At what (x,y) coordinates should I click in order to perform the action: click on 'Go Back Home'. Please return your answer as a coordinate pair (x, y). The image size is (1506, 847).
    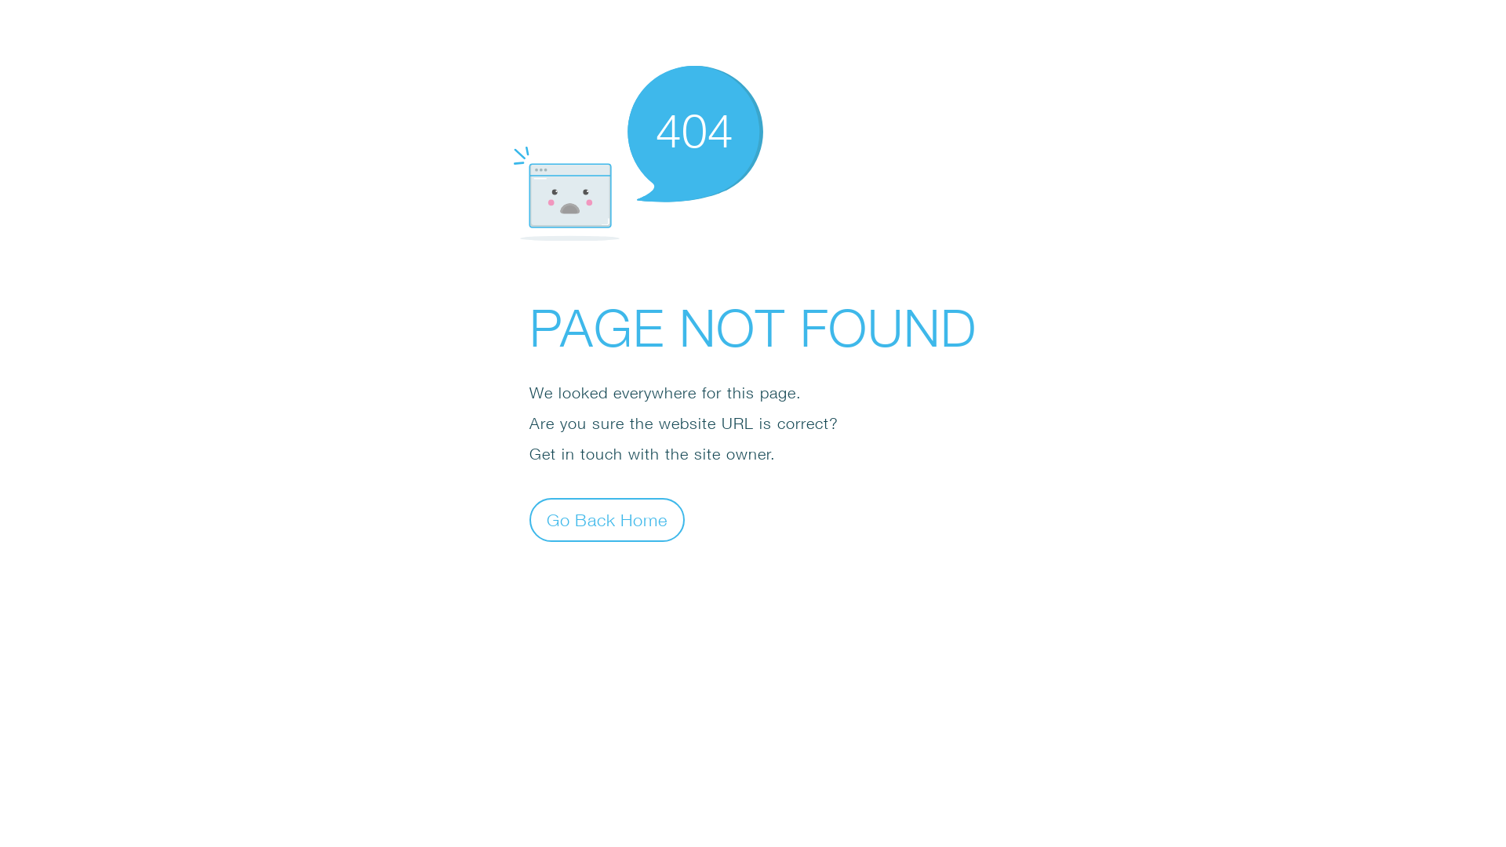
    Looking at the image, I should click on (606, 520).